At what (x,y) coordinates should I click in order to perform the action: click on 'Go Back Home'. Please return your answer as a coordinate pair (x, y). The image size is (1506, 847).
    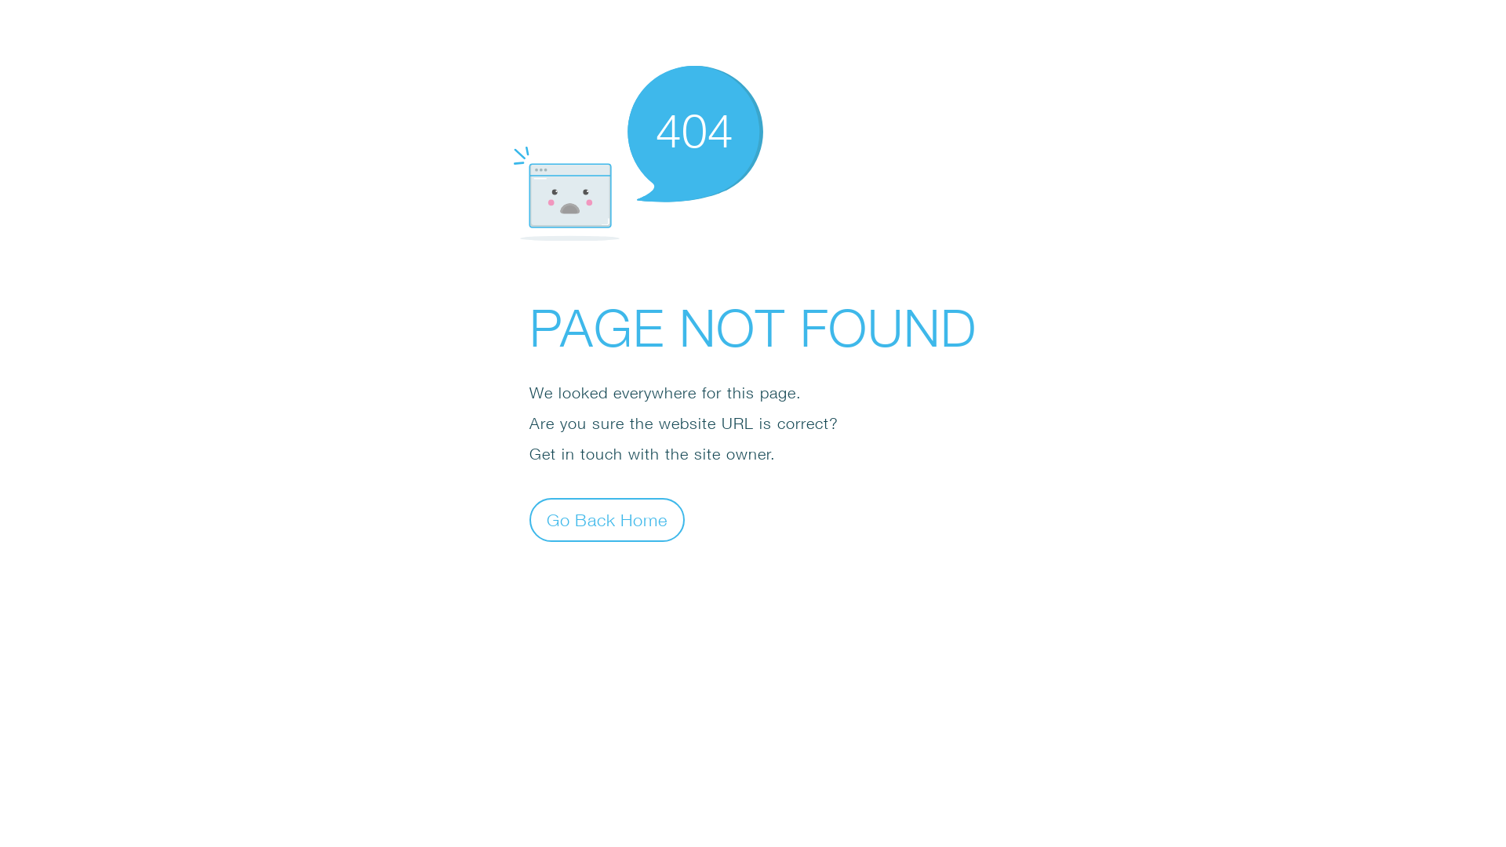
    Looking at the image, I should click on (606, 520).